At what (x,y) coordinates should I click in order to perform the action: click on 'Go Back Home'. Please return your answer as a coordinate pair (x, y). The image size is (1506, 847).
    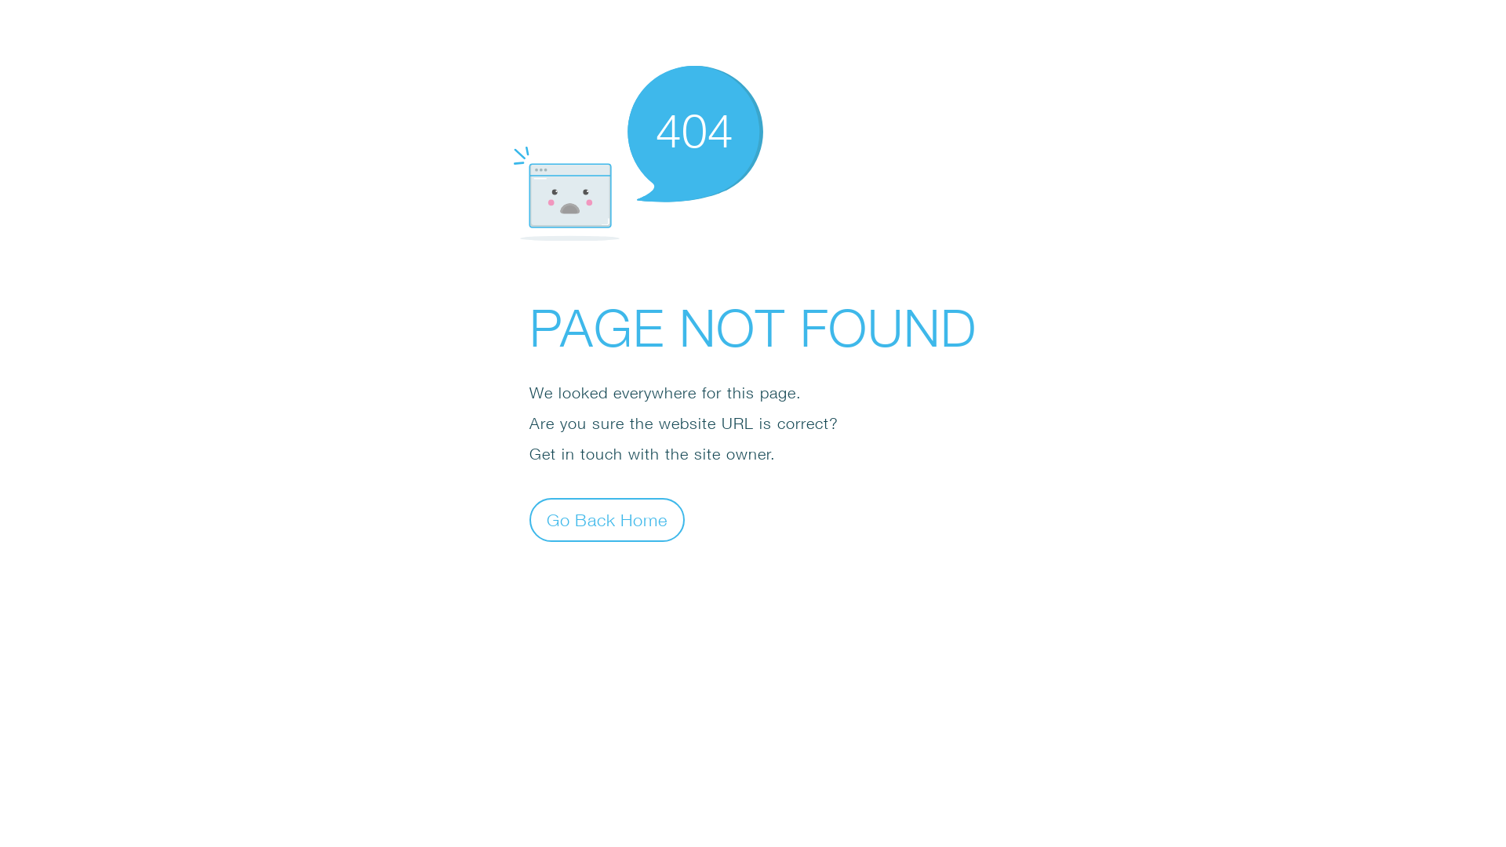
    Looking at the image, I should click on (606, 520).